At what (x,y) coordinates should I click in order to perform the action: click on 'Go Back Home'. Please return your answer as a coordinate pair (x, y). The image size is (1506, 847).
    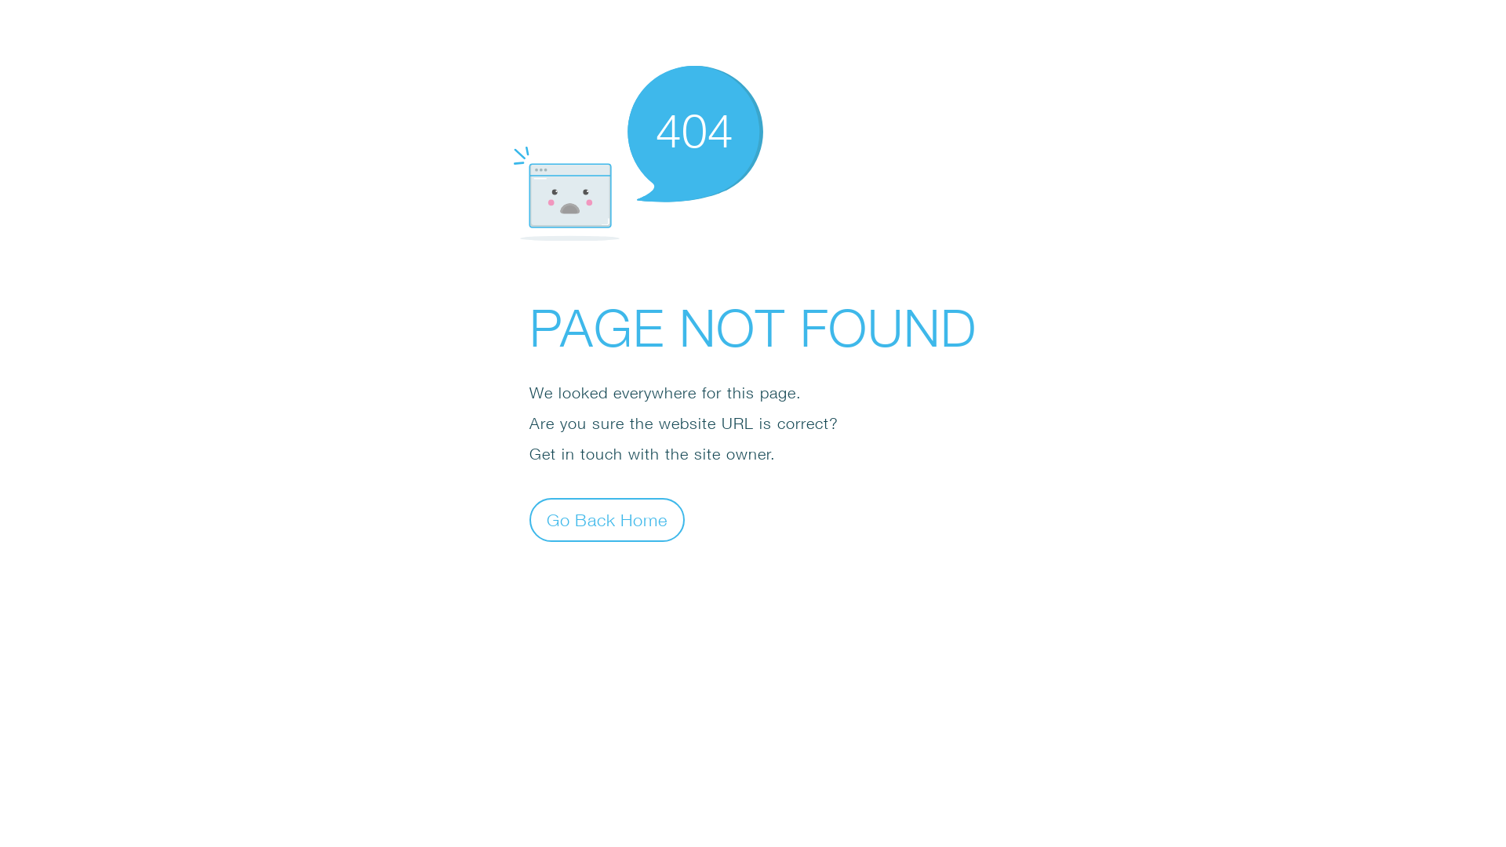
    Looking at the image, I should click on (606, 520).